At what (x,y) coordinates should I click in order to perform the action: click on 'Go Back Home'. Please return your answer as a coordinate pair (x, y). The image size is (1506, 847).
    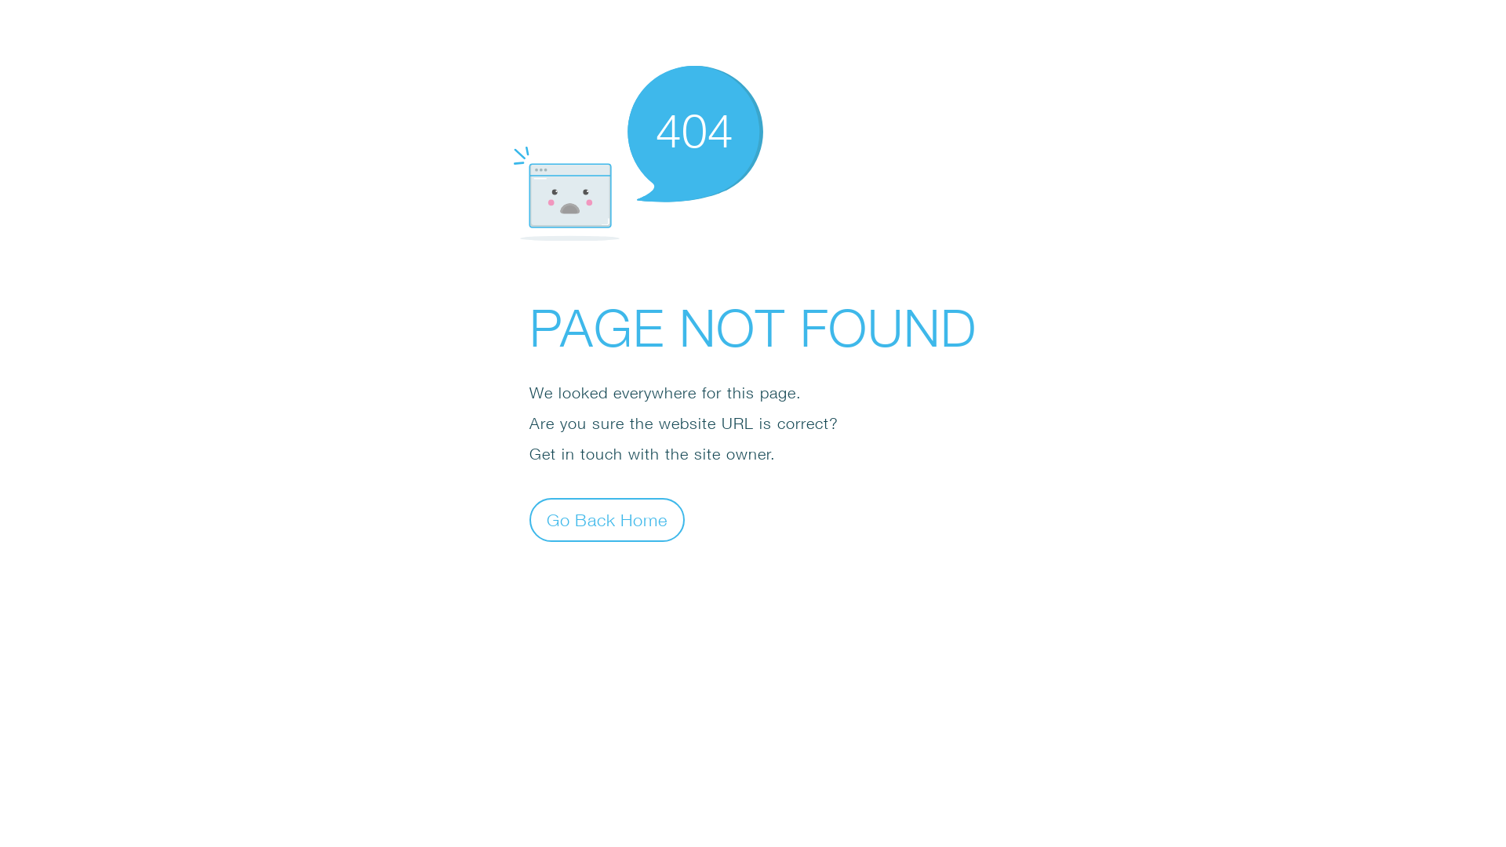
    Looking at the image, I should click on (606, 520).